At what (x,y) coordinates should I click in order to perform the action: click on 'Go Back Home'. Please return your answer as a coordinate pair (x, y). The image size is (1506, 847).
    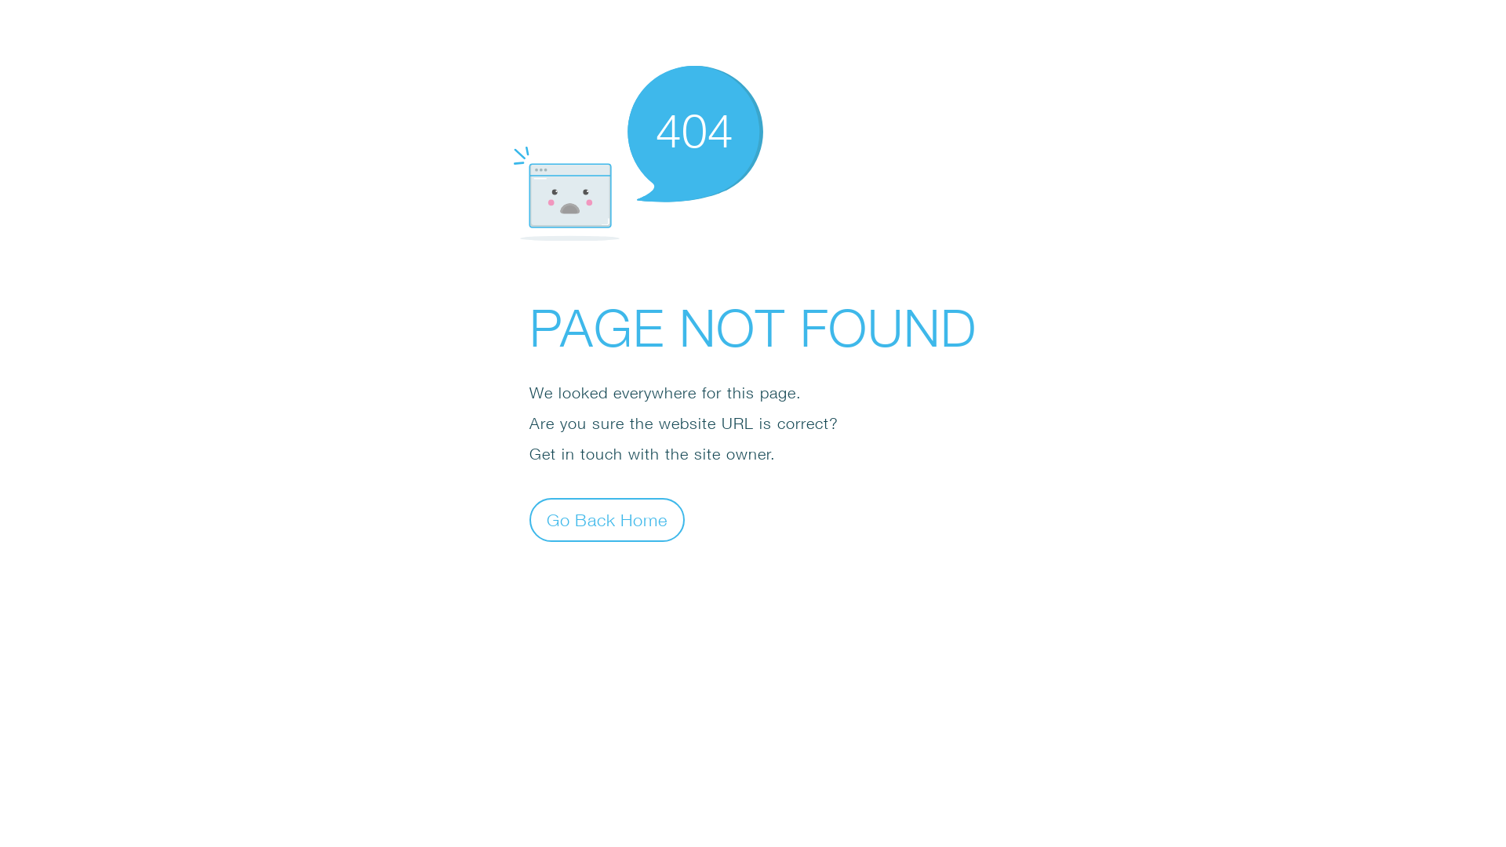
    Looking at the image, I should click on (606, 520).